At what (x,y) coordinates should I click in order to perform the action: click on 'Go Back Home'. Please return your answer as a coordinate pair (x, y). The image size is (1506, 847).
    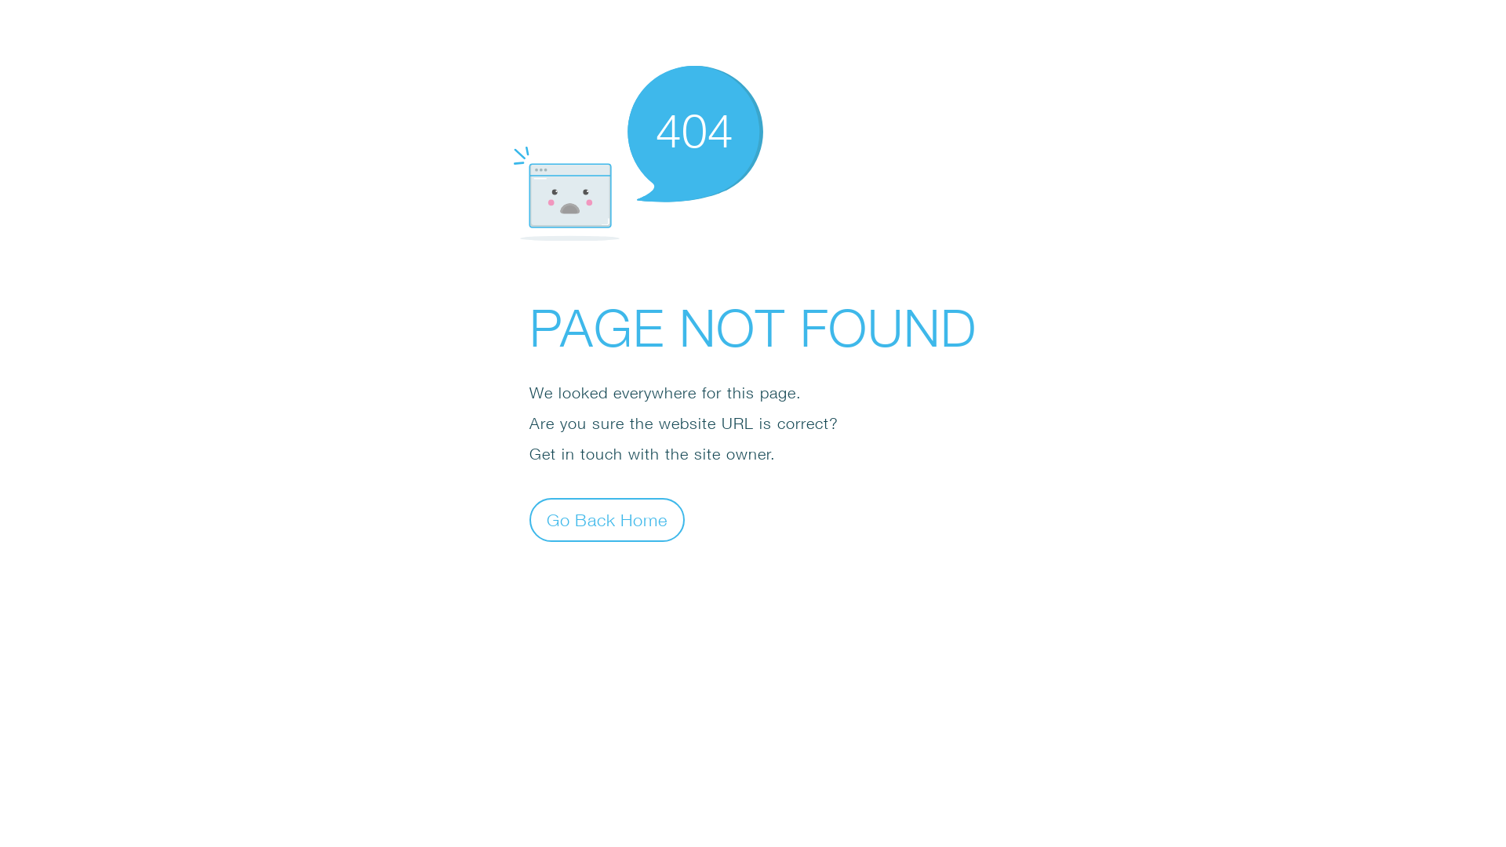
    Looking at the image, I should click on (606, 520).